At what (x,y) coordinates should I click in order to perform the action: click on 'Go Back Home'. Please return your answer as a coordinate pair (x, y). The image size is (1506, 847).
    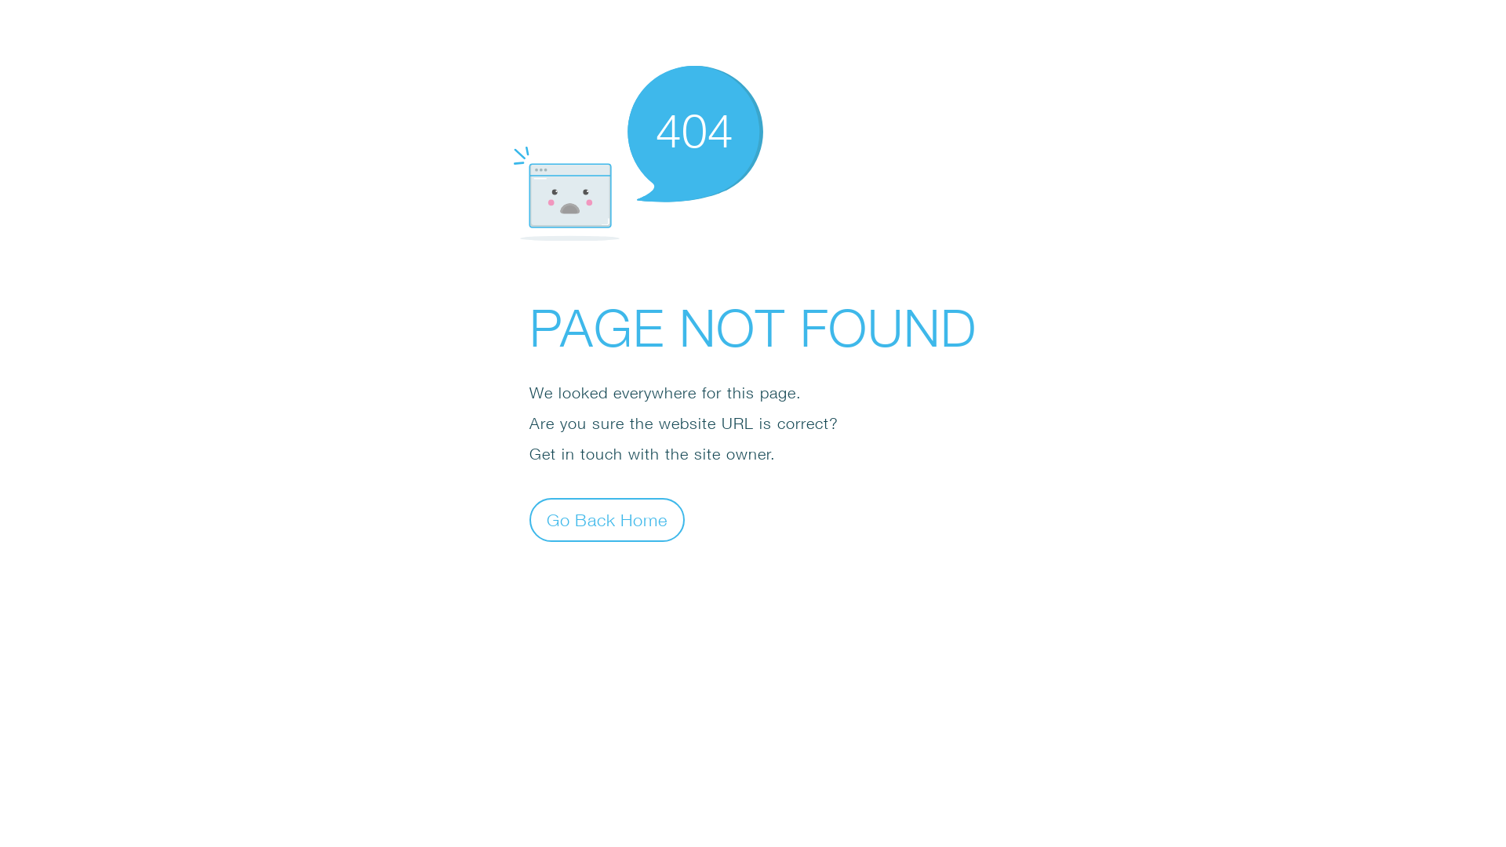
    Looking at the image, I should click on (606, 520).